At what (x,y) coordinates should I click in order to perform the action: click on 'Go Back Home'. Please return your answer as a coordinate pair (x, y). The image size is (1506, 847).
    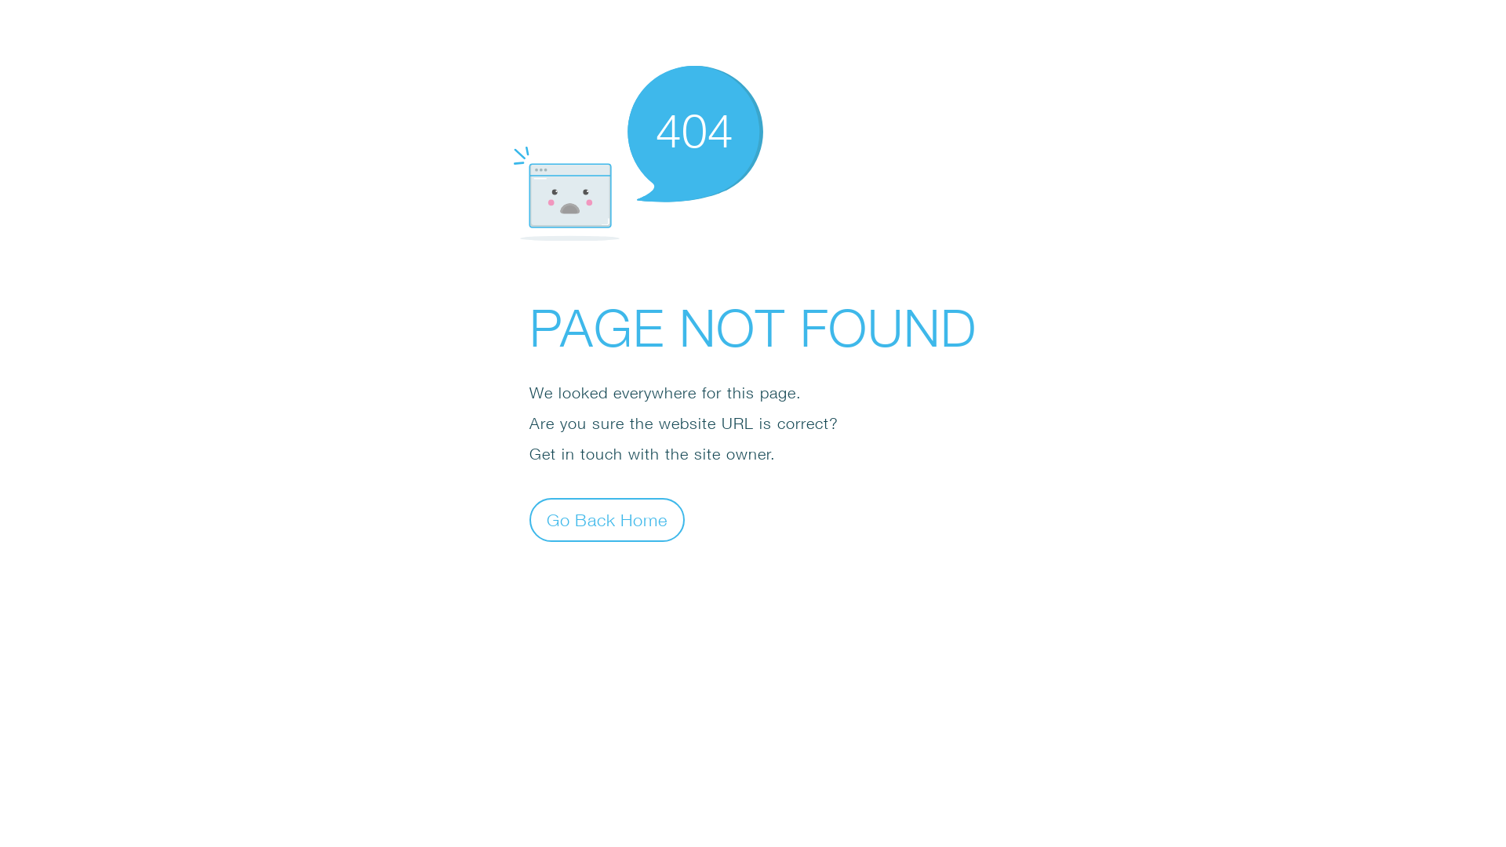
    Looking at the image, I should click on (606, 520).